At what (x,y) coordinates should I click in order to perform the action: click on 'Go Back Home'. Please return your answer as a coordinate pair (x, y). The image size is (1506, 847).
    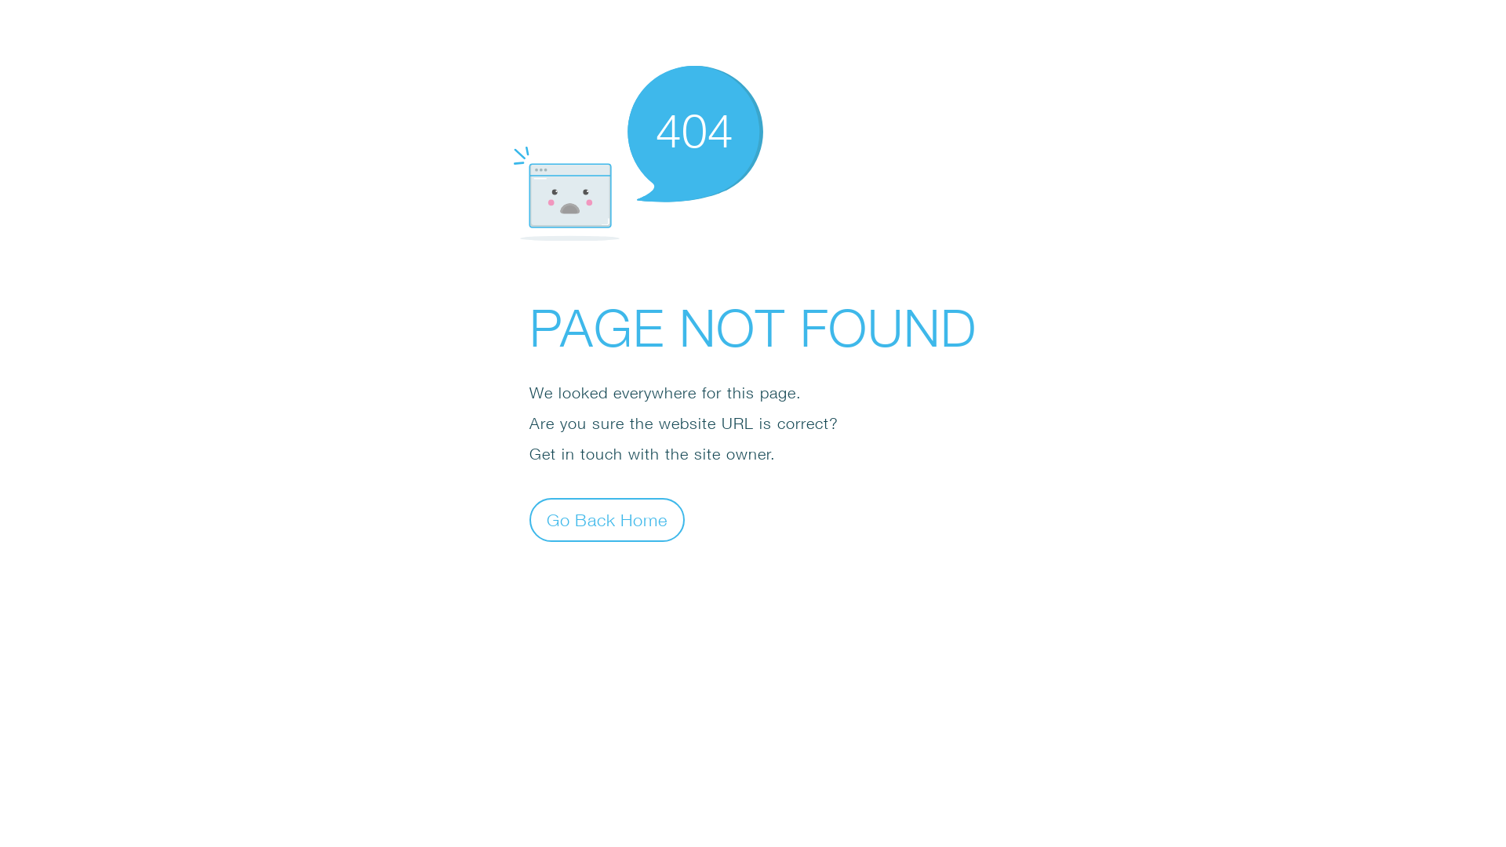
    Looking at the image, I should click on (606, 520).